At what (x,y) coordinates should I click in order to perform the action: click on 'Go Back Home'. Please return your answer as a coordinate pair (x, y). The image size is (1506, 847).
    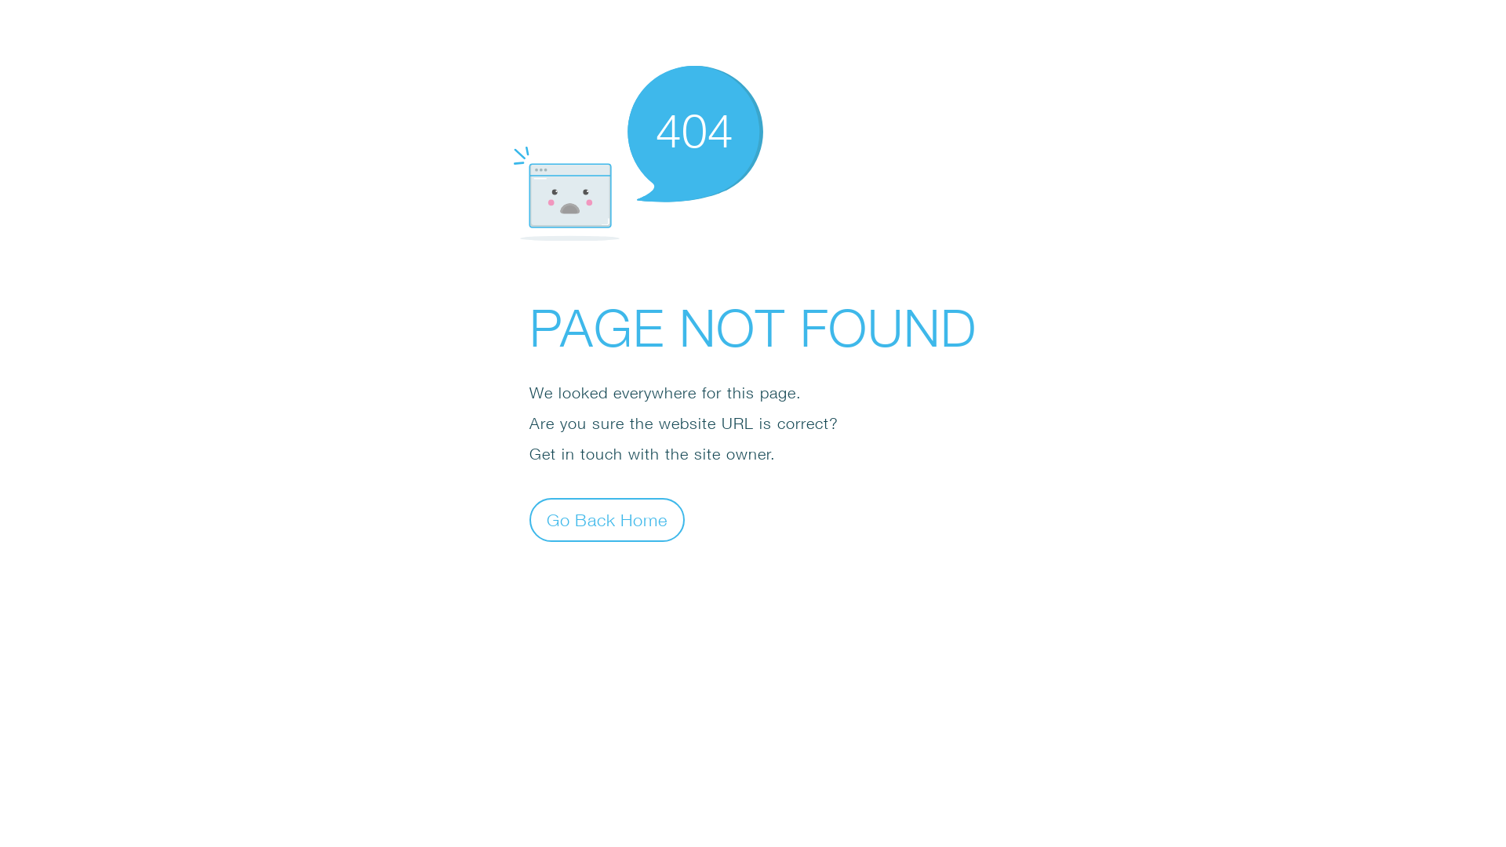
    Looking at the image, I should click on (606, 520).